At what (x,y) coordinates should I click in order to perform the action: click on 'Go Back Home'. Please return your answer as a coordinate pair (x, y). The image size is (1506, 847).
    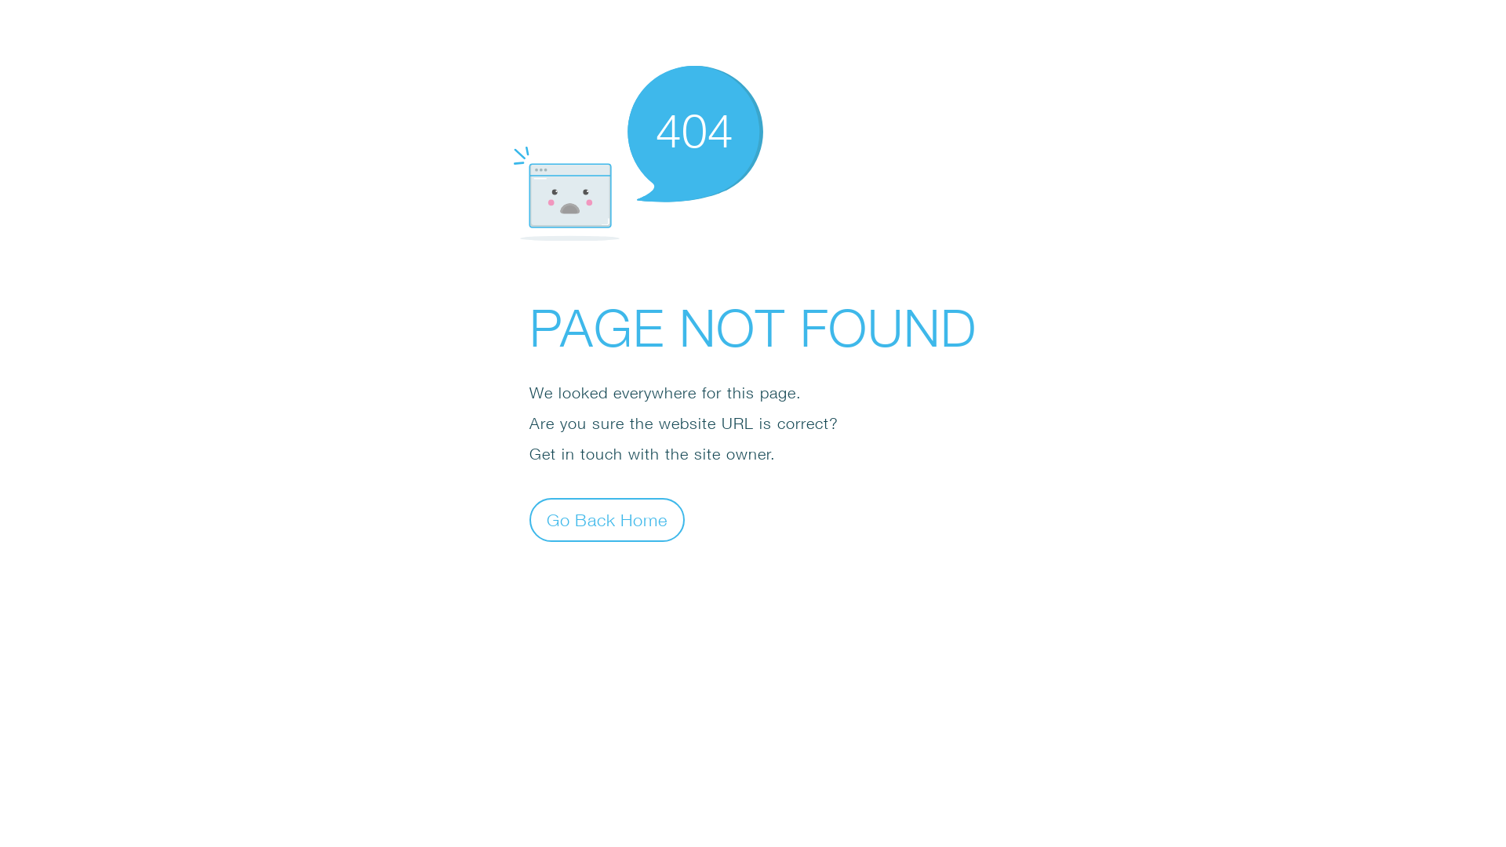
    Looking at the image, I should click on (606, 520).